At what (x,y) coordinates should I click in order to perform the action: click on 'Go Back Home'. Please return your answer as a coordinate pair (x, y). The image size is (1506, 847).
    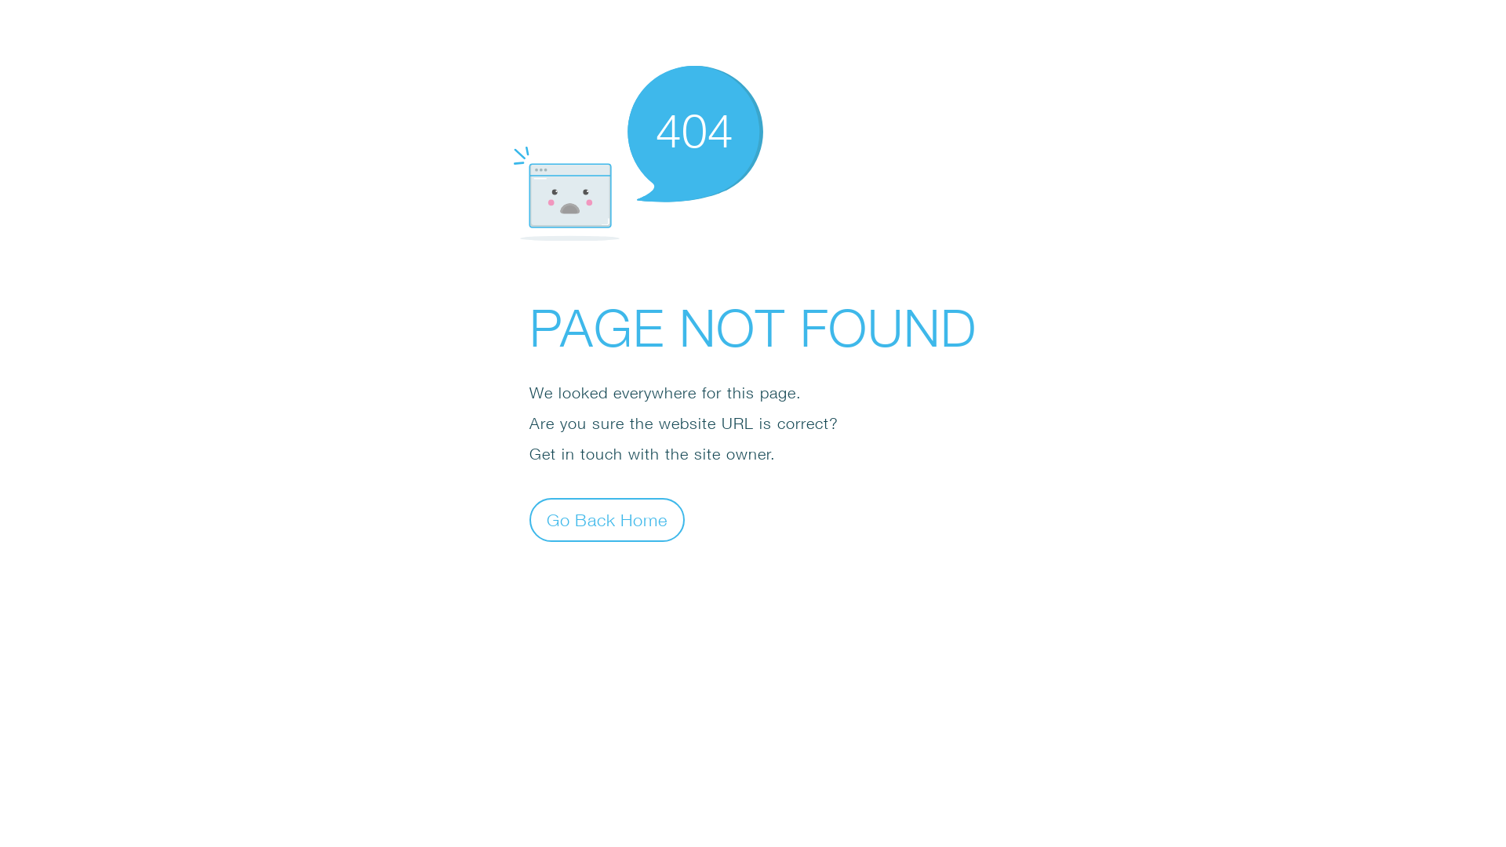
    Looking at the image, I should click on (606, 520).